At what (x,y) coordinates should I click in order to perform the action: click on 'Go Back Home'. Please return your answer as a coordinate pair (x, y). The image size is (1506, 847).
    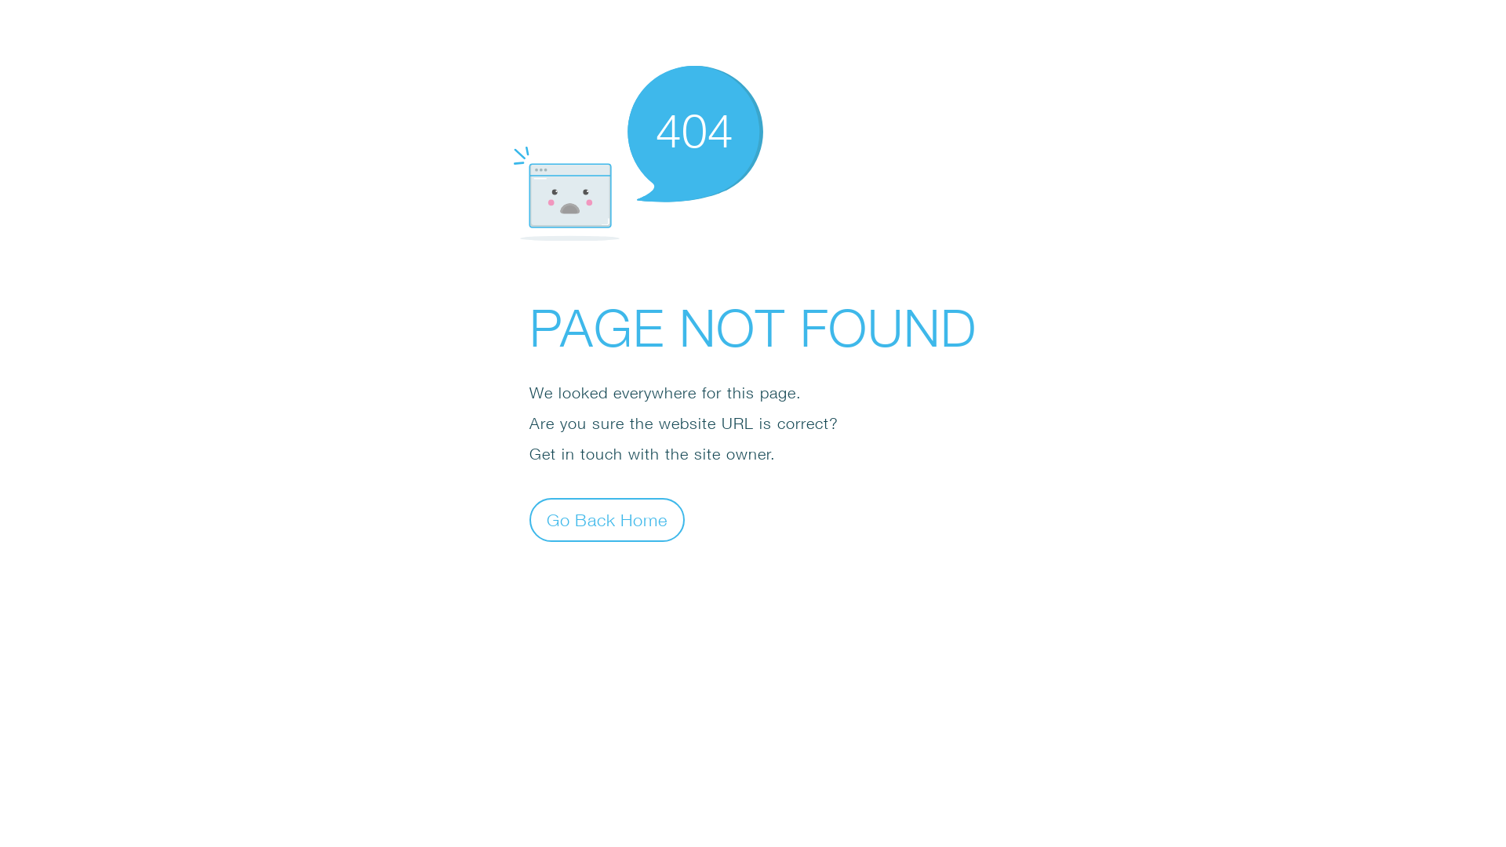
    Looking at the image, I should click on (606, 520).